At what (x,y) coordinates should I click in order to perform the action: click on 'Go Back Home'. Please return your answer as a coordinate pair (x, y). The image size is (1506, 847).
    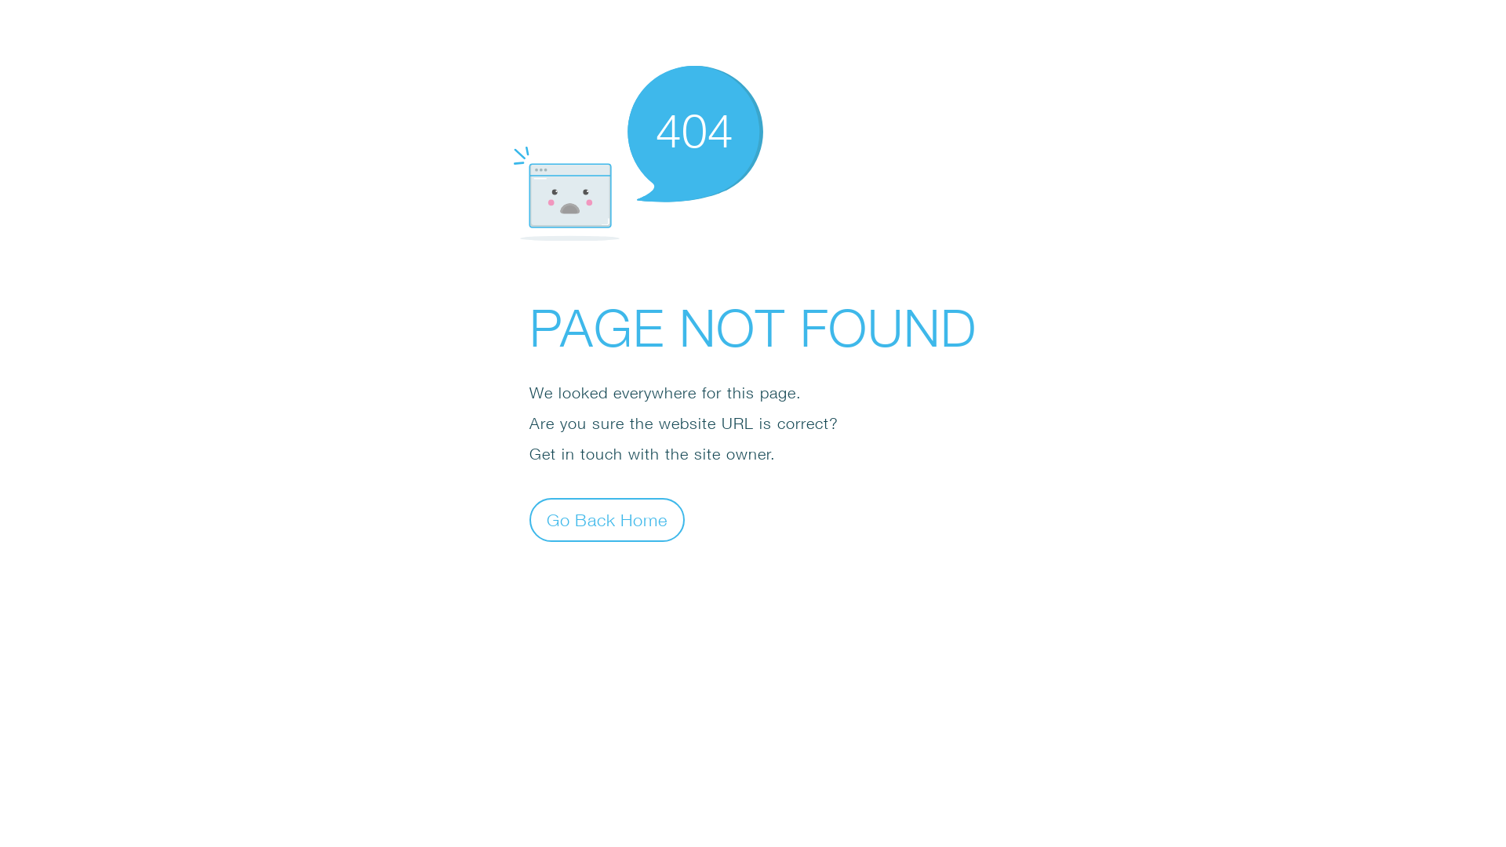
    Looking at the image, I should click on (606, 520).